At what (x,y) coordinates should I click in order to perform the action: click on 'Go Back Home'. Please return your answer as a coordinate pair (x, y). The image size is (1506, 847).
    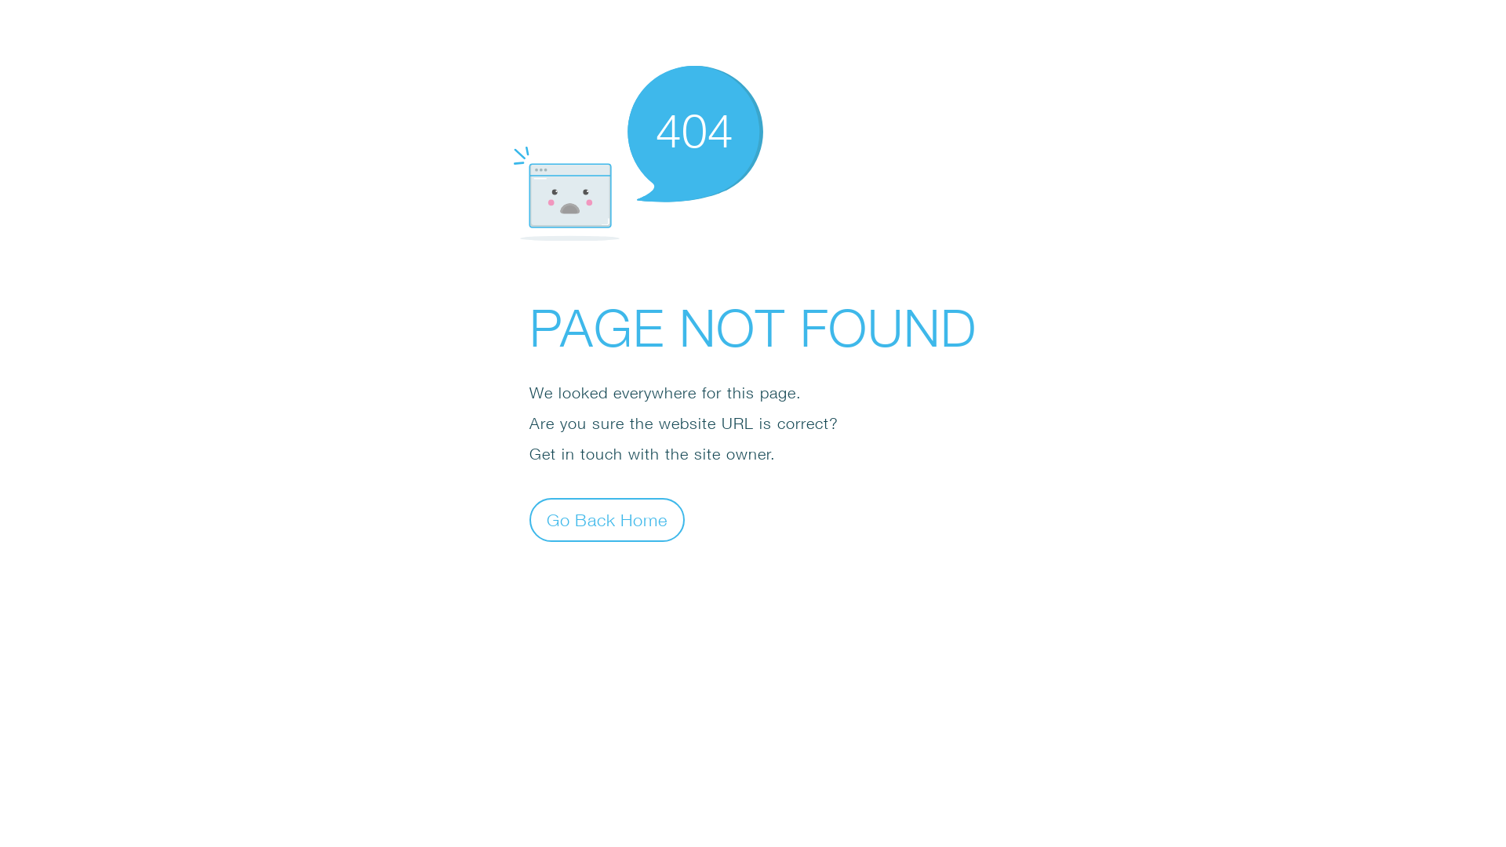
    Looking at the image, I should click on (606, 520).